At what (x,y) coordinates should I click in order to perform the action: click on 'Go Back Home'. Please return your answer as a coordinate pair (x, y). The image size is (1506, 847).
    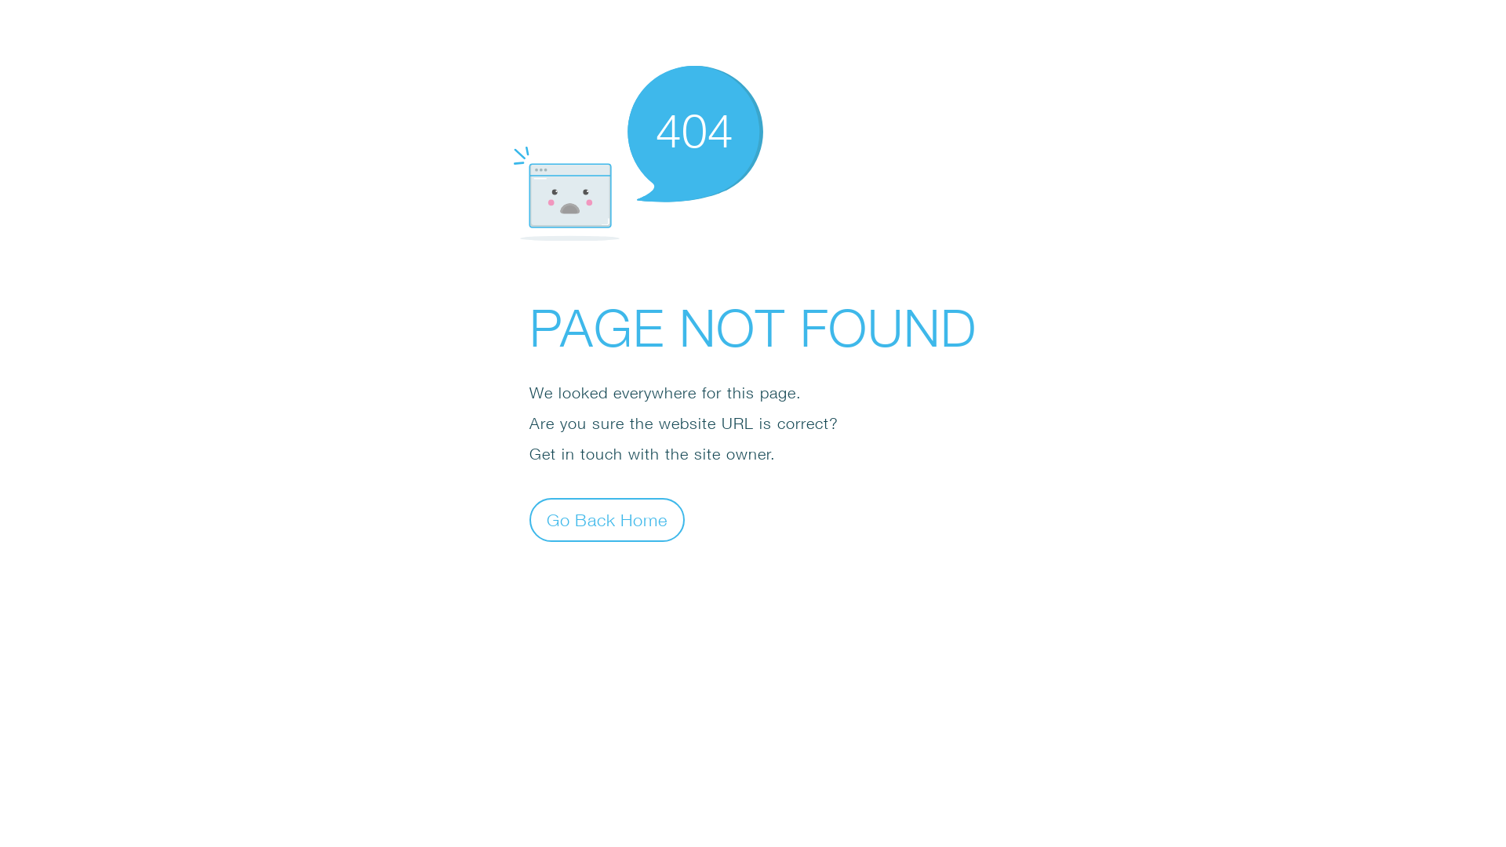
    Looking at the image, I should click on (606, 520).